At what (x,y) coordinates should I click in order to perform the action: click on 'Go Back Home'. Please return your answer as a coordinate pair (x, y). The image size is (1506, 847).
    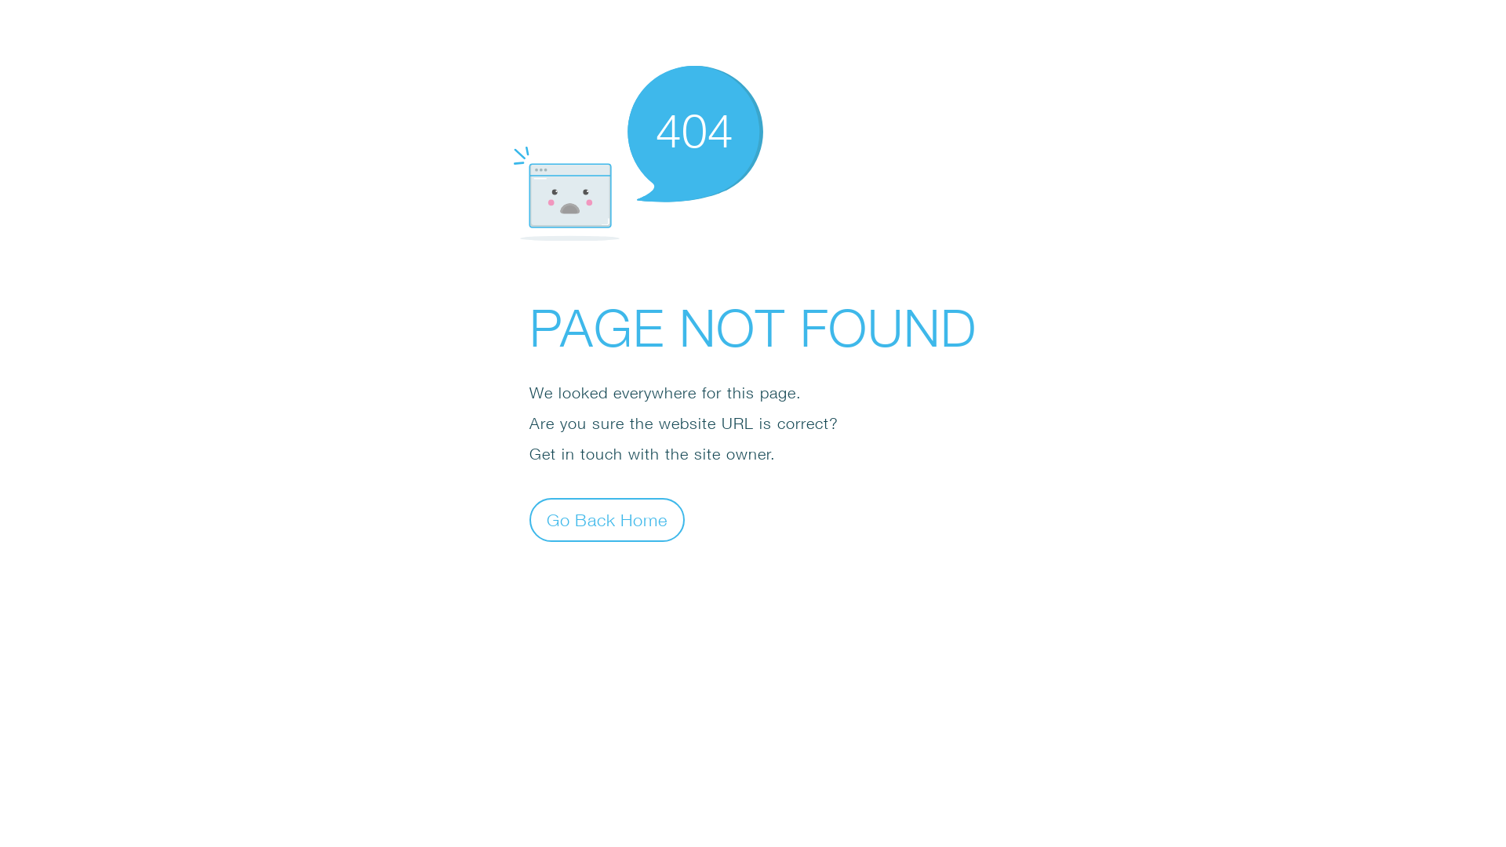
    Looking at the image, I should click on (606, 520).